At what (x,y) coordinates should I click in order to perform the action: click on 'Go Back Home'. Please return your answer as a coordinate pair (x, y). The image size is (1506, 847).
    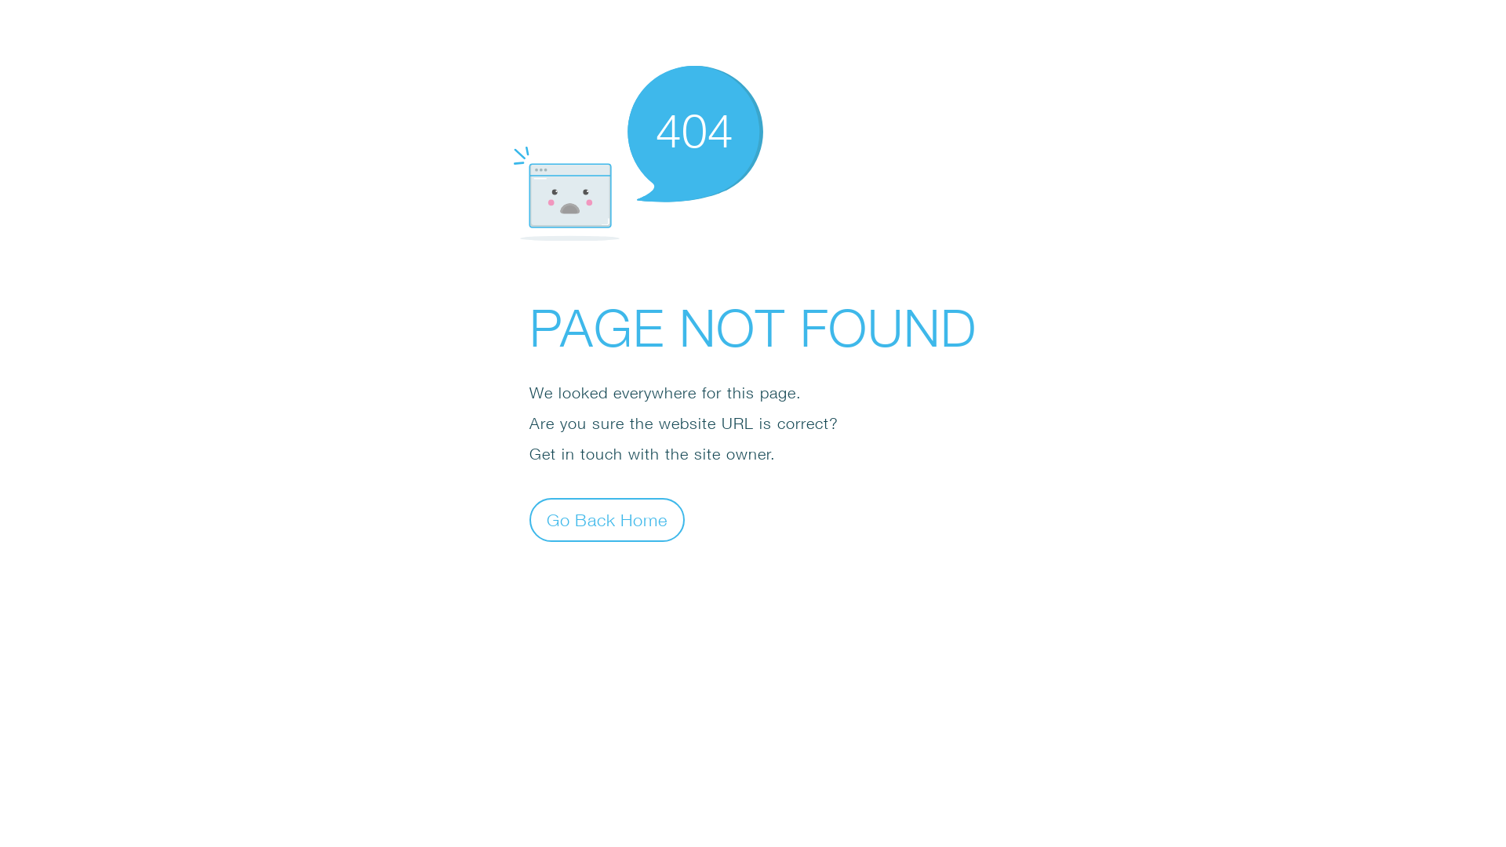
    Looking at the image, I should click on (606, 520).